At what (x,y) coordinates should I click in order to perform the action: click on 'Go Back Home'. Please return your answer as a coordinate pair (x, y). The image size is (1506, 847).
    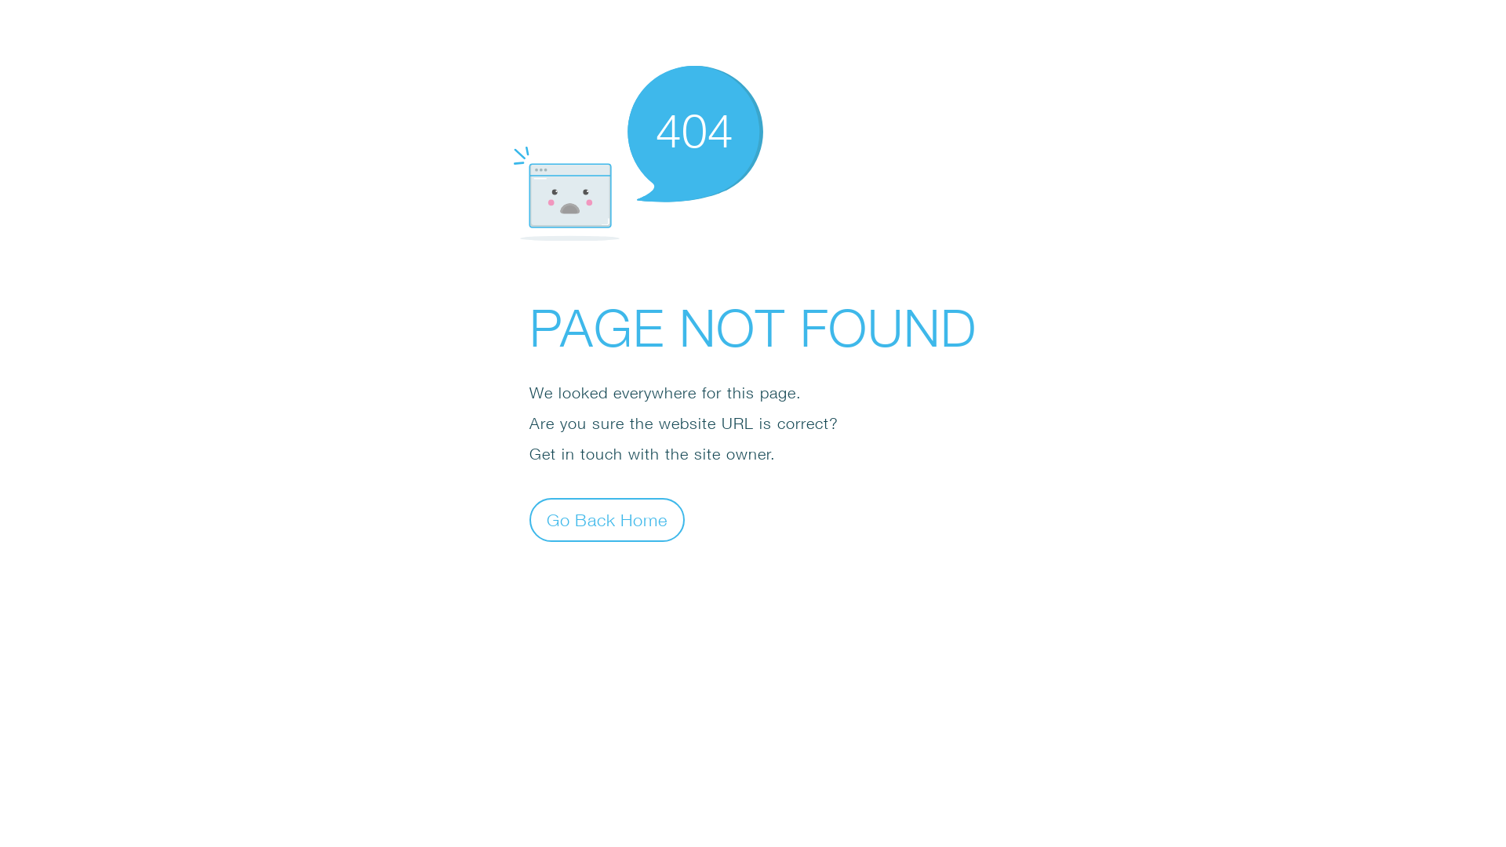
    Looking at the image, I should click on (606, 520).